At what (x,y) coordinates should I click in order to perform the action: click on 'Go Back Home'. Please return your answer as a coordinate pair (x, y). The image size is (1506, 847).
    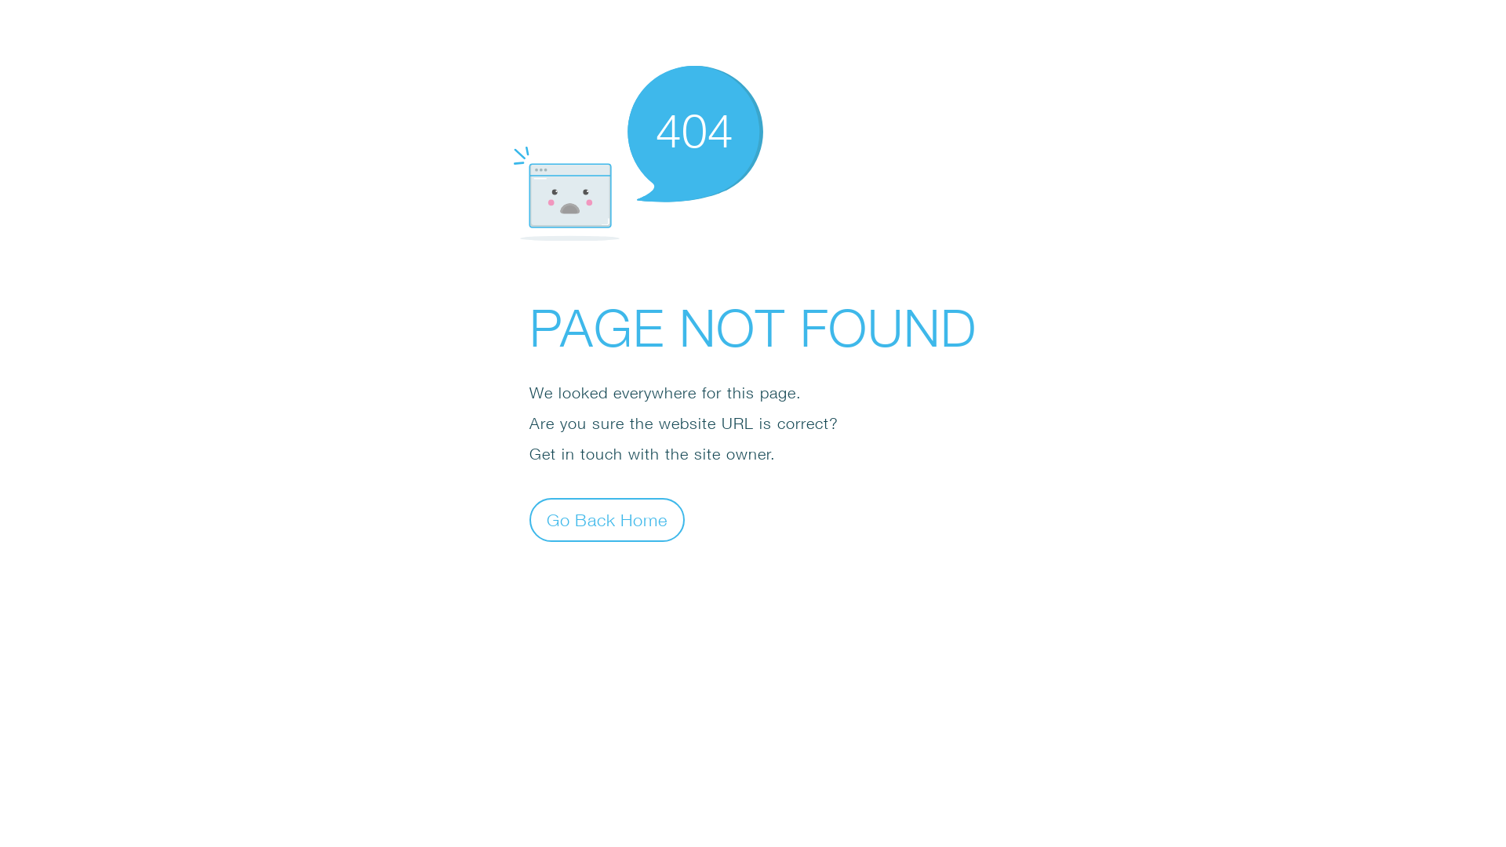
    Looking at the image, I should click on (606, 520).